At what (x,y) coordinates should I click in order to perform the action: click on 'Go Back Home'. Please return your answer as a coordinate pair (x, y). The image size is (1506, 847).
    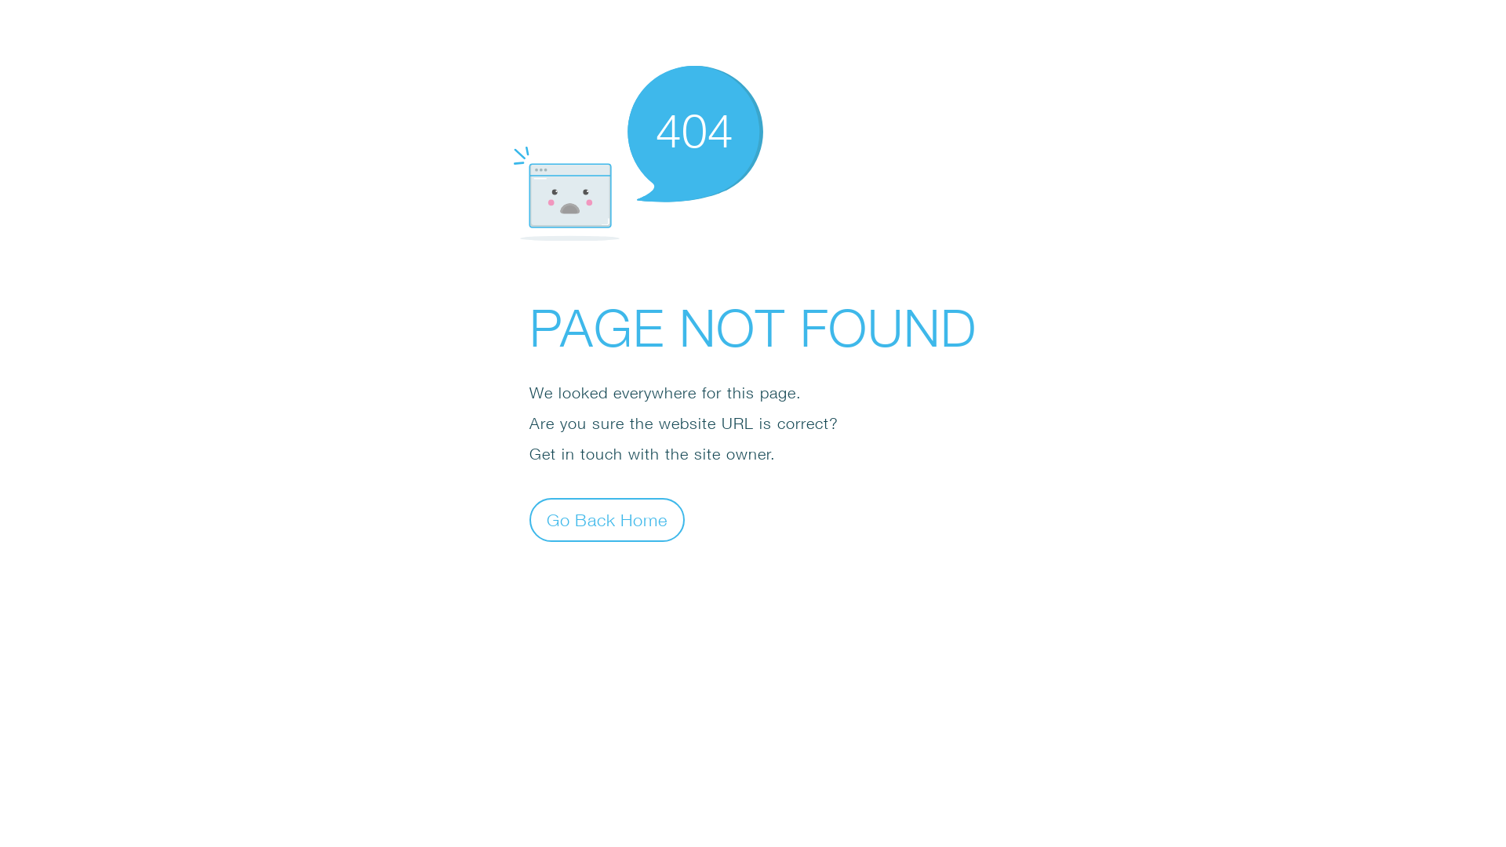
    Looking at the image, I should click on (606, 520).